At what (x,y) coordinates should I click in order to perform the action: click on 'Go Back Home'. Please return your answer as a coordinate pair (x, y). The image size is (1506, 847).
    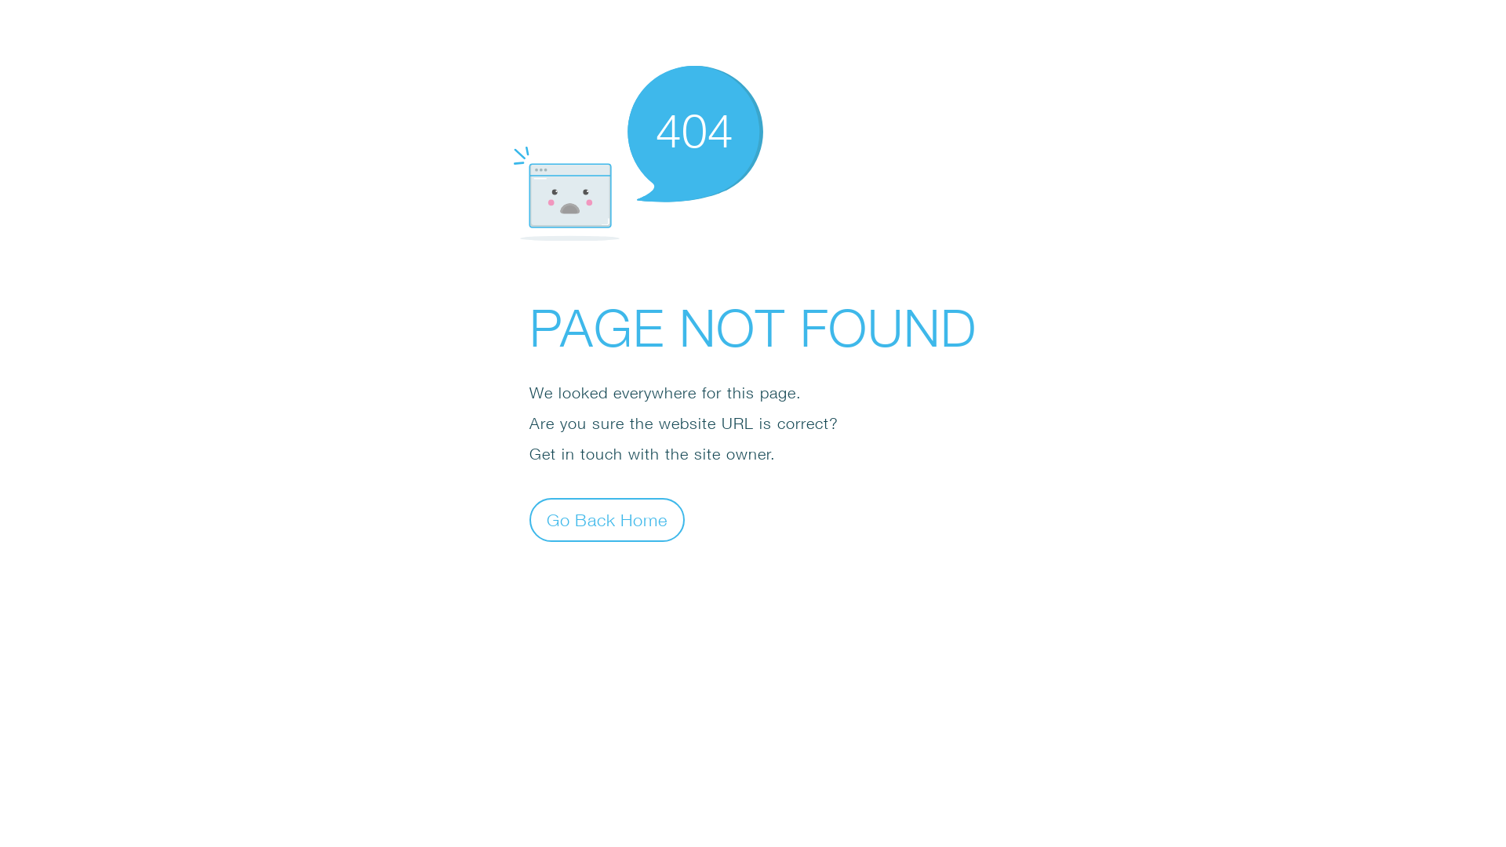
    Looking at the image, I should click on (606, 520).